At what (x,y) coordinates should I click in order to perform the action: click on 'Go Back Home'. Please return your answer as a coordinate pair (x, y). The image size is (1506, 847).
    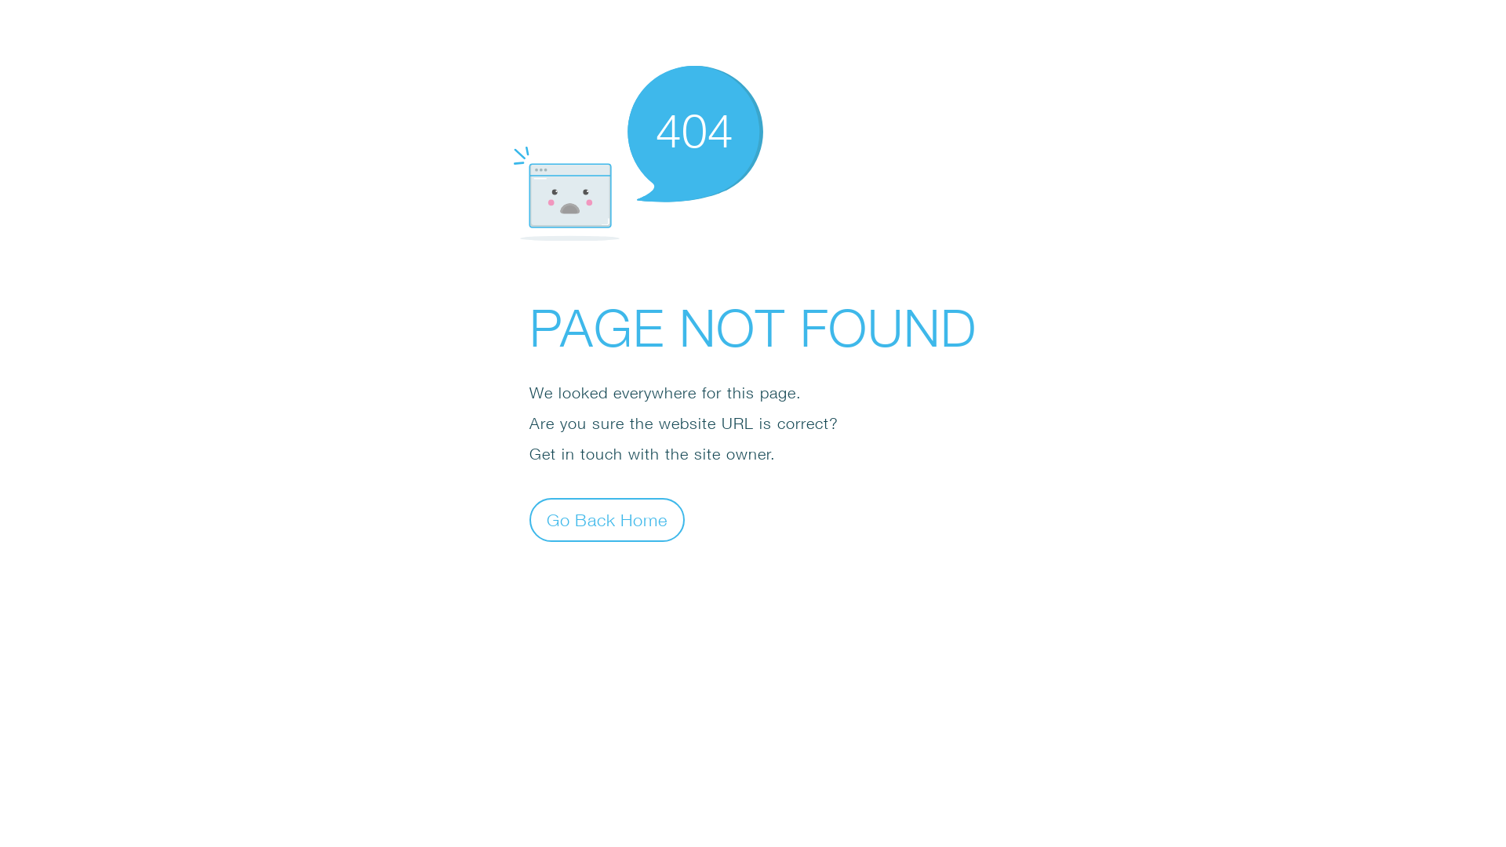
    Looking at the image, I should click on (606, 520).